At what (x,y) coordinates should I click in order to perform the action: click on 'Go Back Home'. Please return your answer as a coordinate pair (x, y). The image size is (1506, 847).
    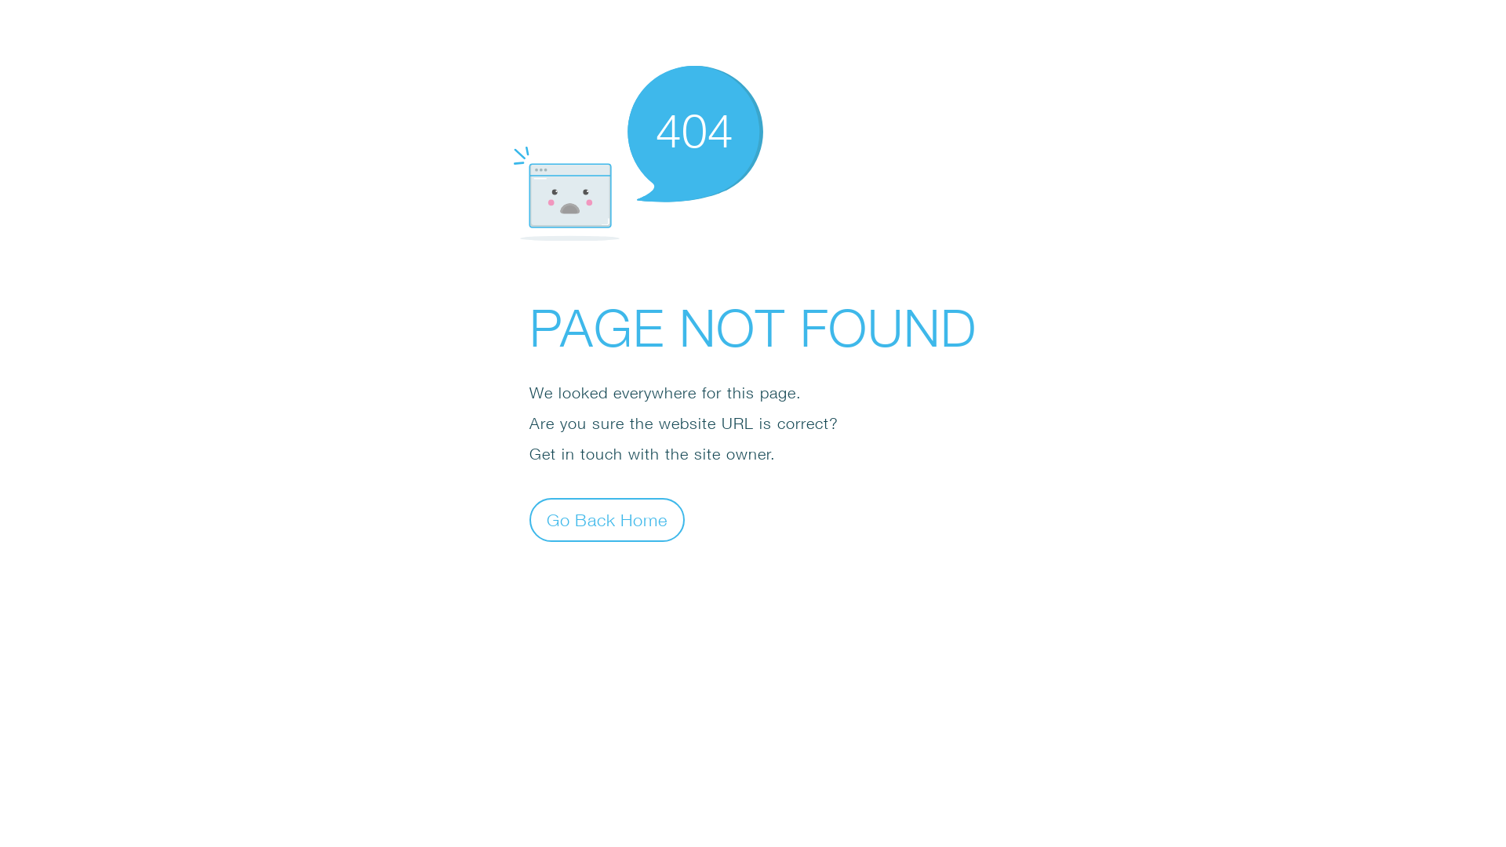
    Looking at the image, I should click on (606, 520).